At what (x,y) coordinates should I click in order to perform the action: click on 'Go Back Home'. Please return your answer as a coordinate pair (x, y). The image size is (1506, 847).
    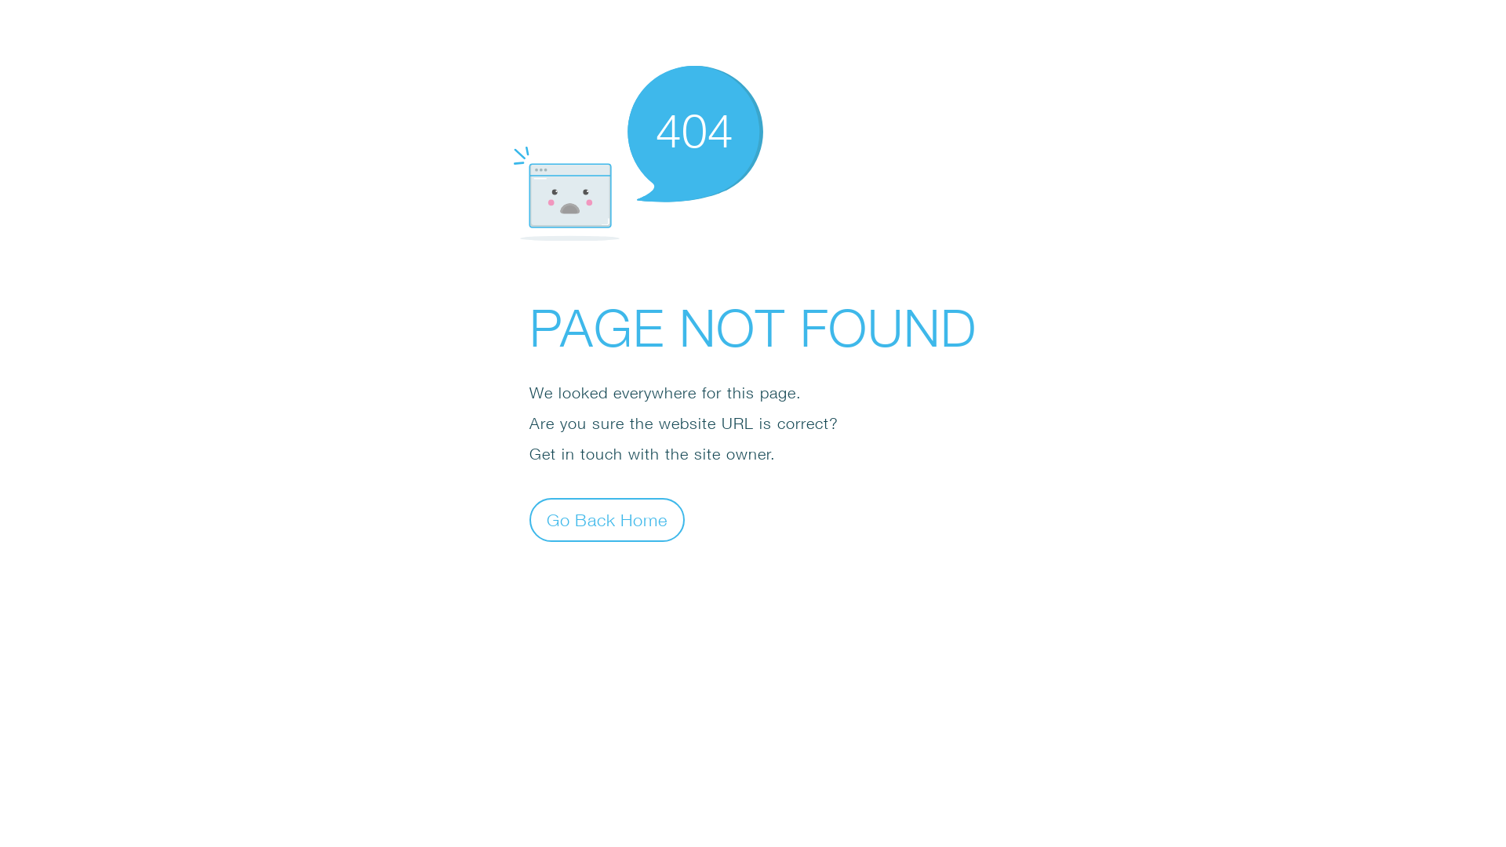
    Looking at the image, I should click on (606, 520).